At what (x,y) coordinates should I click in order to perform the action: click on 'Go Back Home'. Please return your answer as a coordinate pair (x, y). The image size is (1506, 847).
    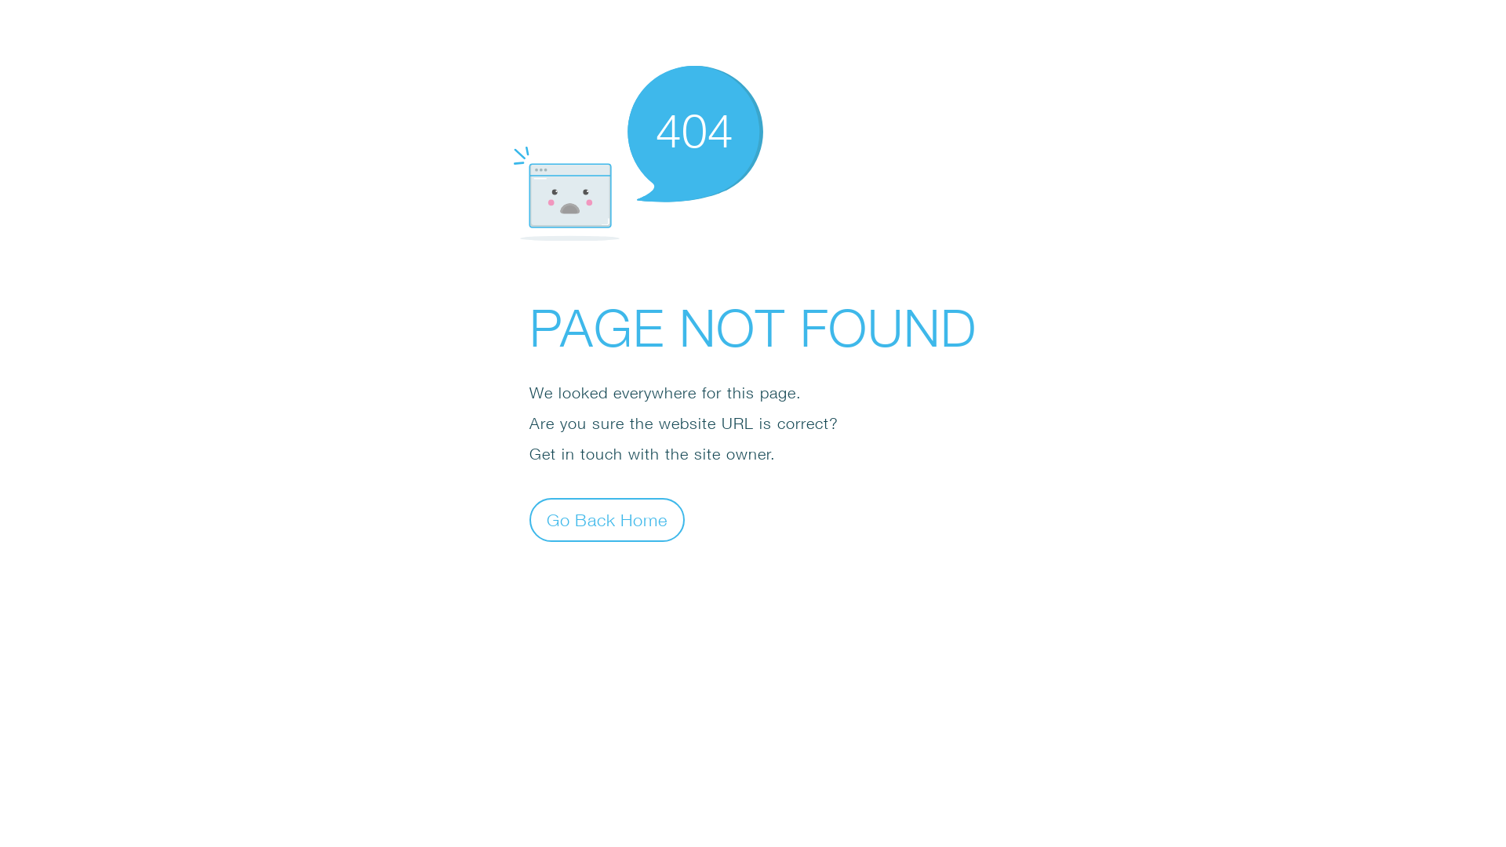
    Looking at the image, I should click on (606, 520).